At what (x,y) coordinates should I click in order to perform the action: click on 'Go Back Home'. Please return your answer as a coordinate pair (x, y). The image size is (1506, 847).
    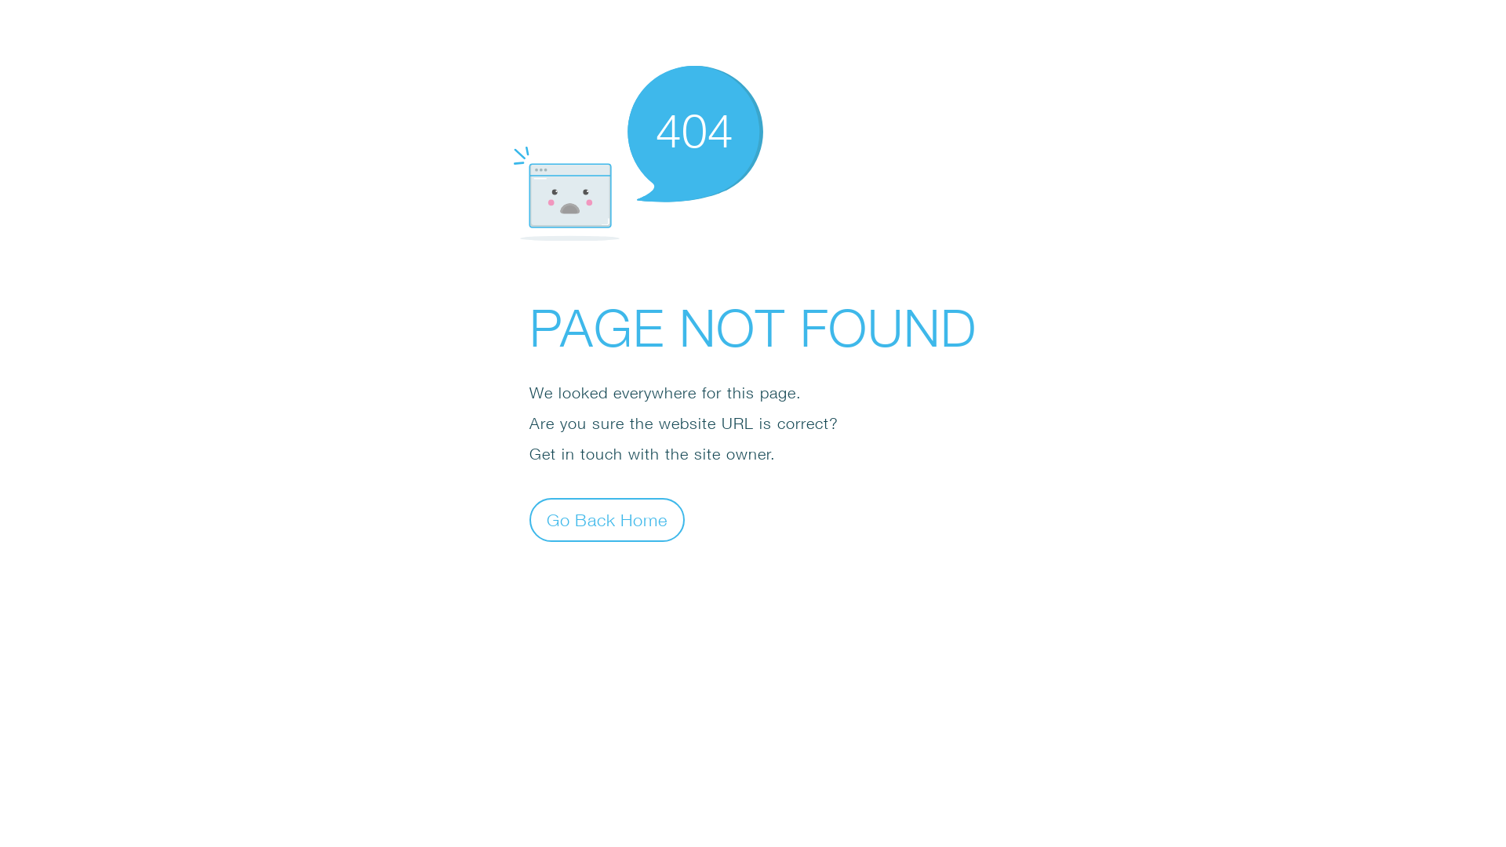
    Looking at the image, I should click on (606, 520).